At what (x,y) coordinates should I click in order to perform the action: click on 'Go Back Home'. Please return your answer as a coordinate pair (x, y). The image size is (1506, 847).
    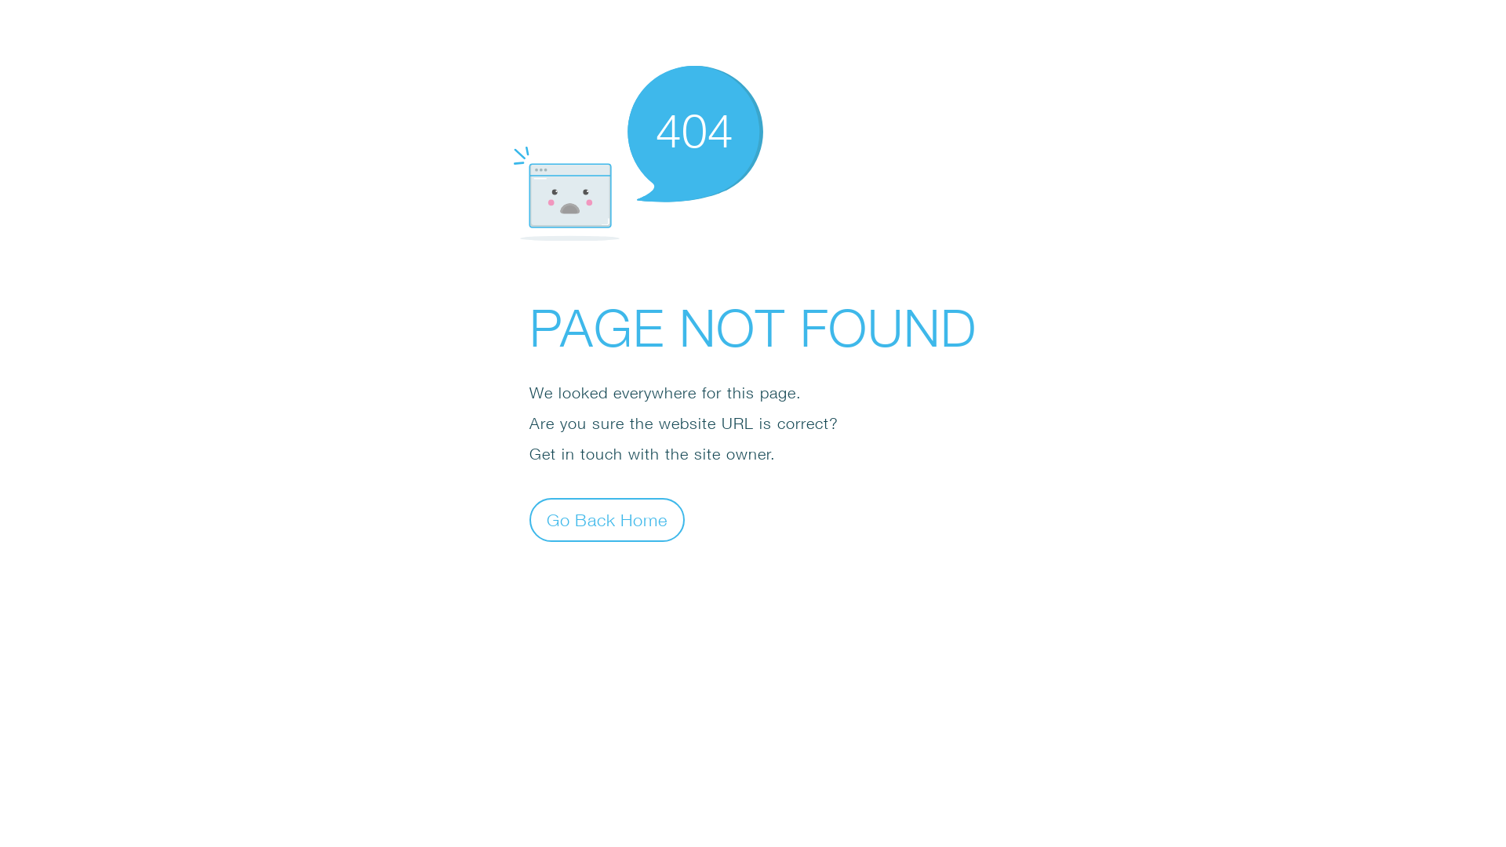
    Looking at the image, I should click on (606, 520).